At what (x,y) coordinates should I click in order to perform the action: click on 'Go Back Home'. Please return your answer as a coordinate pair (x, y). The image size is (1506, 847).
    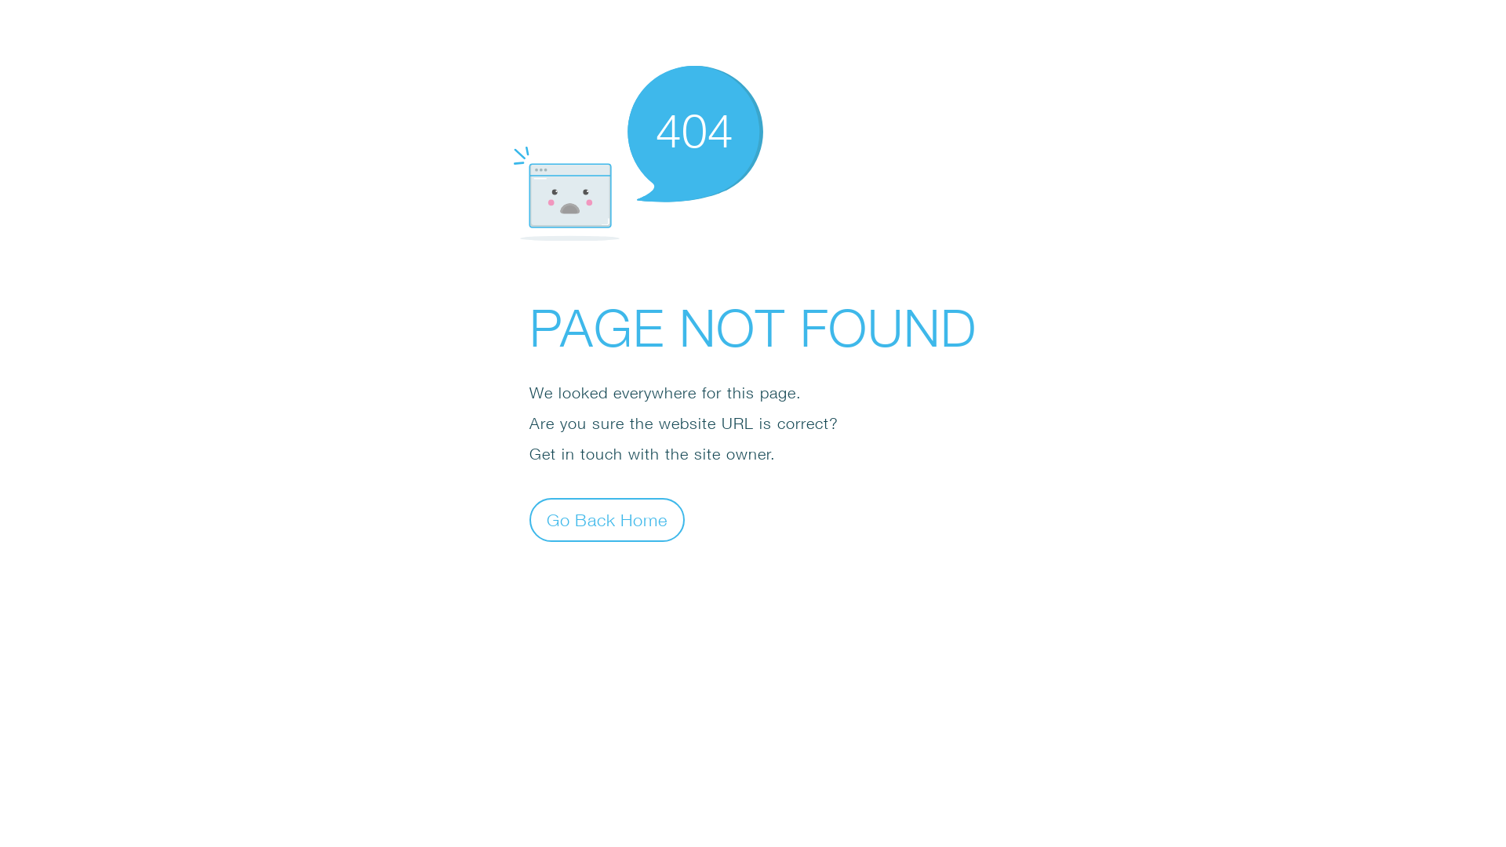
    Looking at the image, I should click on (606, 520).